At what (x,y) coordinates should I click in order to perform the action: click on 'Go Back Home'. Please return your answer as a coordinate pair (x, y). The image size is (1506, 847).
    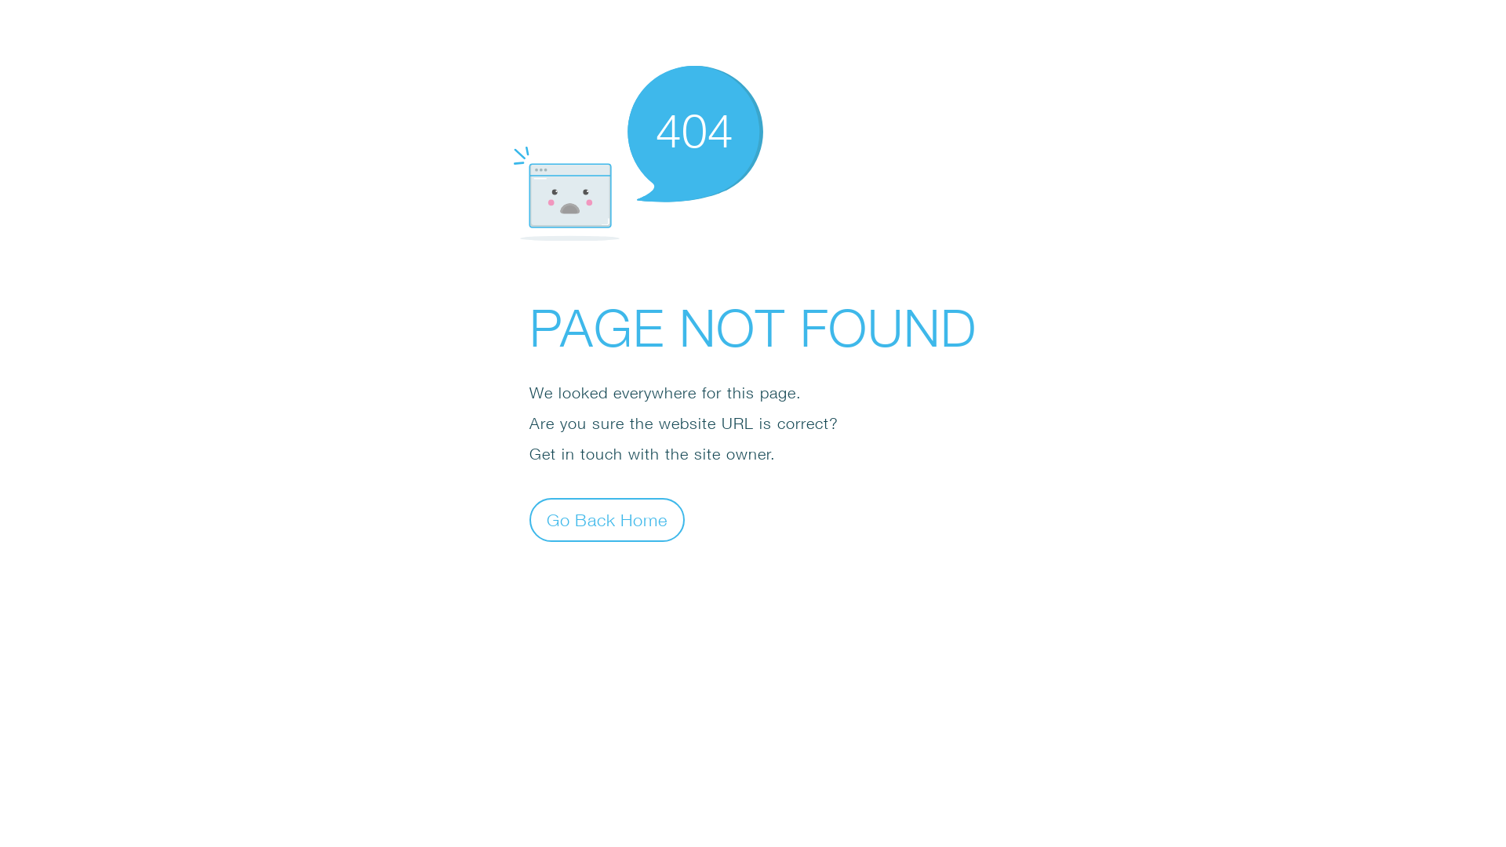
    Looking at the image, I should click on (606, 520).